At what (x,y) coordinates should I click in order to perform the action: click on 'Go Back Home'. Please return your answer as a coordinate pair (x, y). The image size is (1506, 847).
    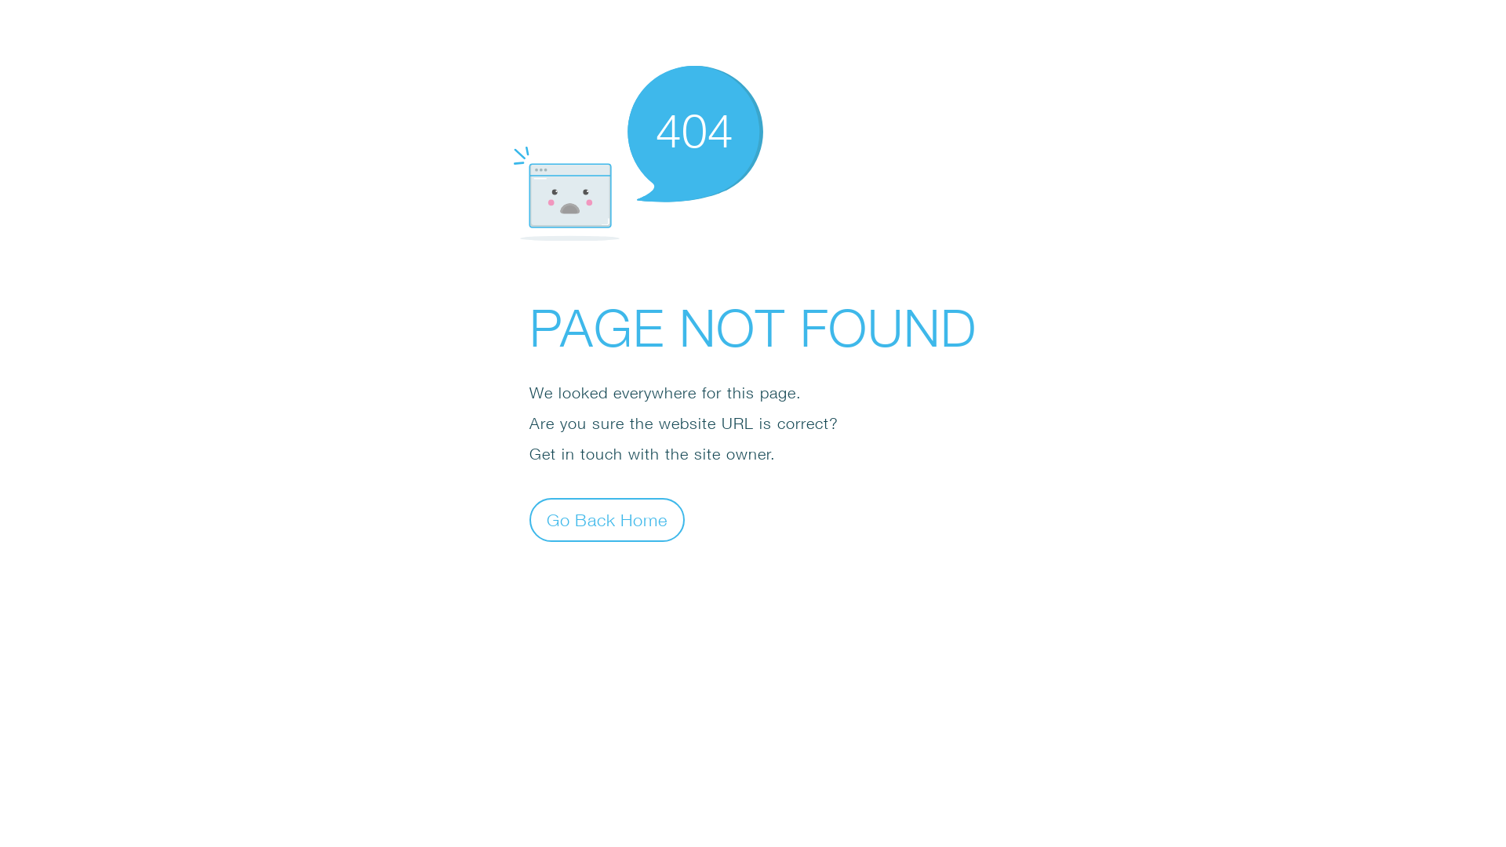
    Looking at the image, I should click on (606, 520).